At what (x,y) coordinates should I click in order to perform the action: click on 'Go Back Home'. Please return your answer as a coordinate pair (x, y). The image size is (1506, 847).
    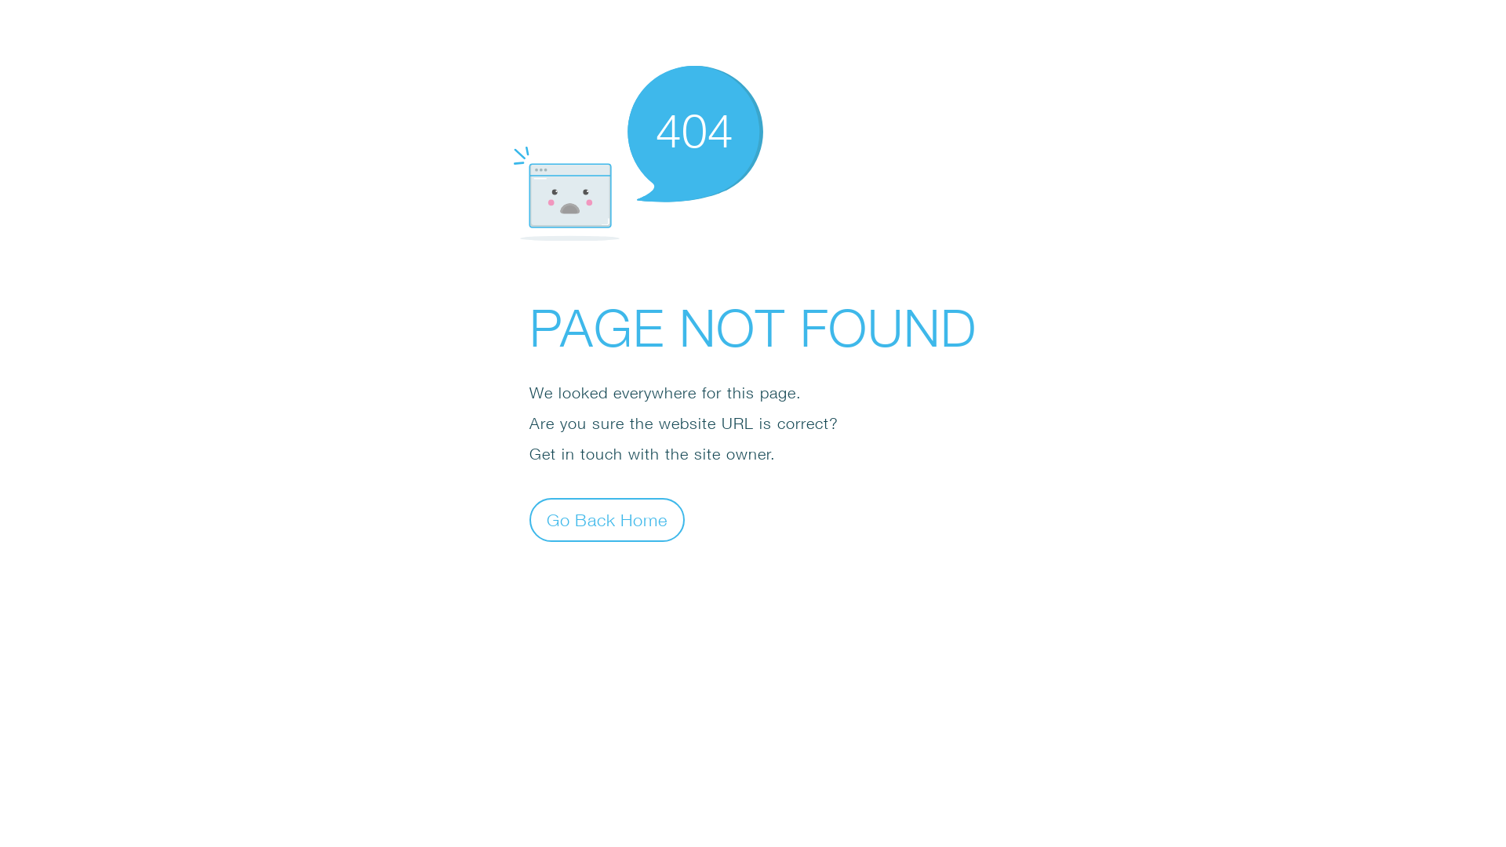
    Looking at the image, I should click on (606, 520).